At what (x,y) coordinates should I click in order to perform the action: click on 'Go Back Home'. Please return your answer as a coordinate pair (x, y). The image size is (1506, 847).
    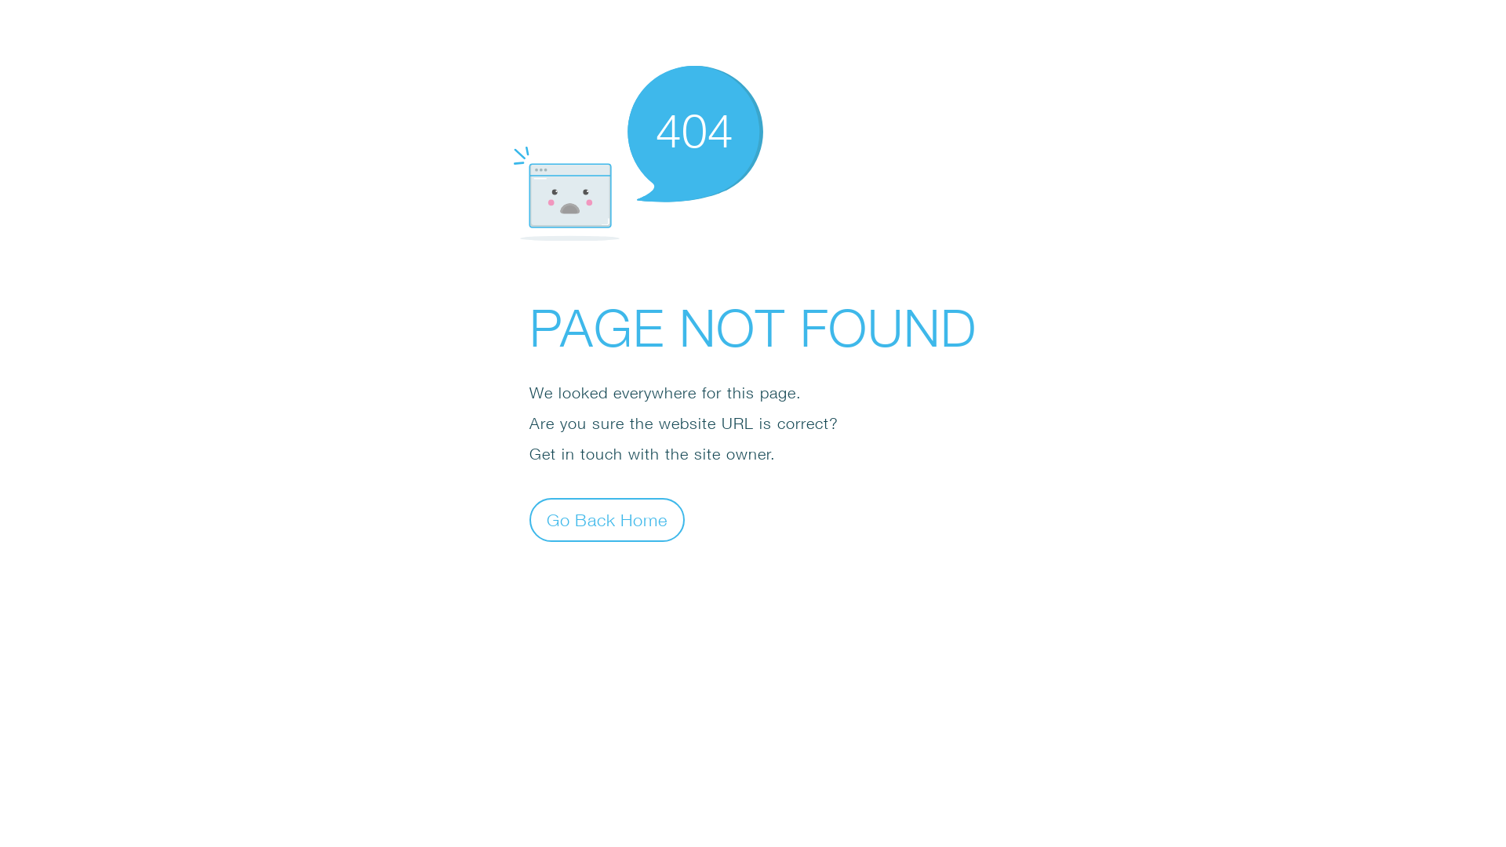
    Looking at the image, I should click on (606, 520).